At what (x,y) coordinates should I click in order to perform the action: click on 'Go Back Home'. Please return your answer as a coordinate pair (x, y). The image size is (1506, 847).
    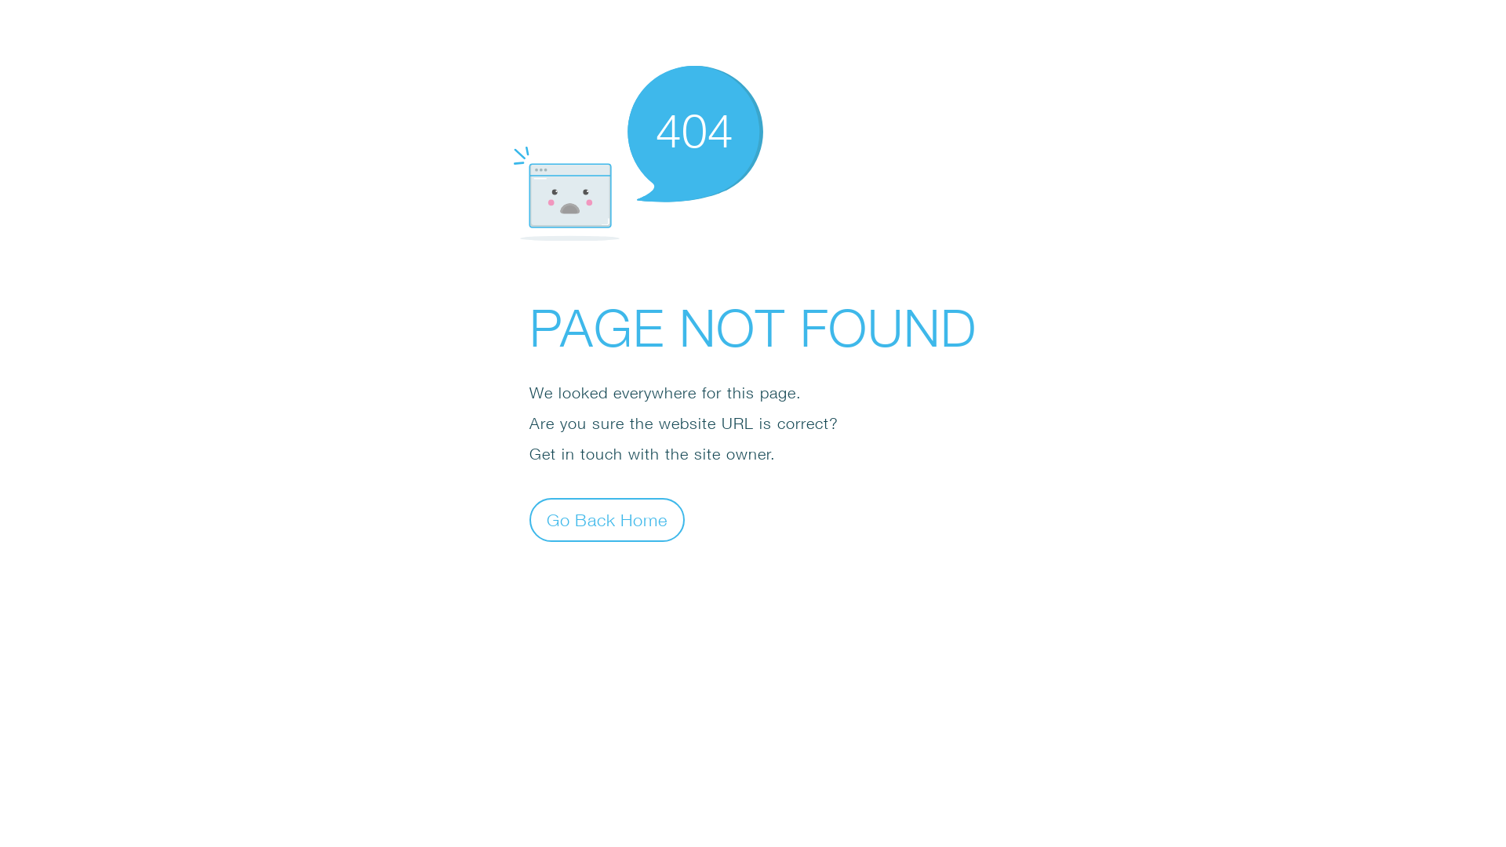
    Looking at the image, I should click on (606, 520).